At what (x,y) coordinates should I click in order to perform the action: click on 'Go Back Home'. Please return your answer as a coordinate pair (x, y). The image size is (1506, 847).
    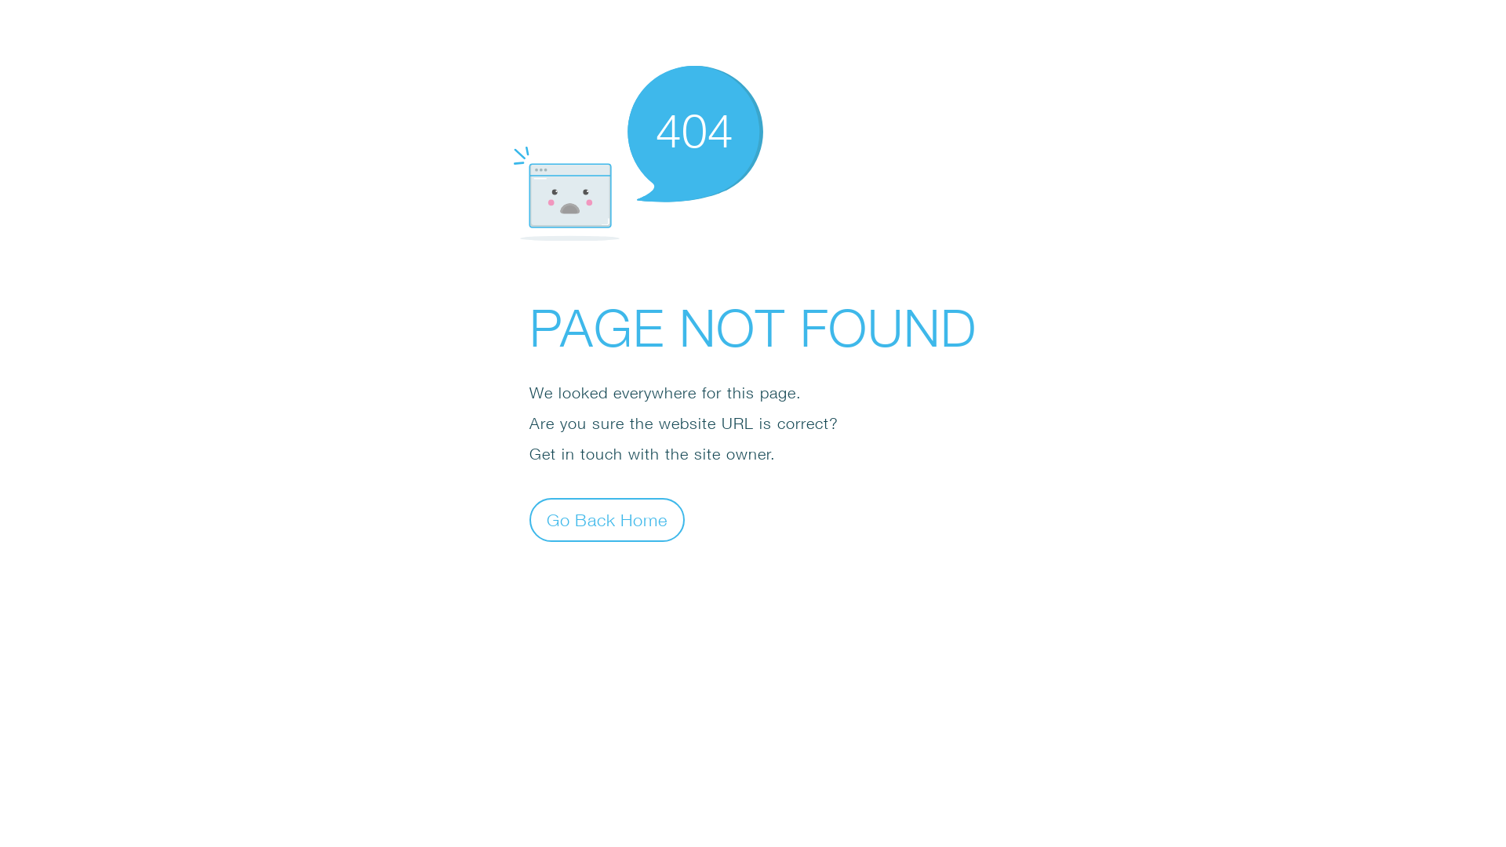
    Looking at the image, I should click on (606, 520).